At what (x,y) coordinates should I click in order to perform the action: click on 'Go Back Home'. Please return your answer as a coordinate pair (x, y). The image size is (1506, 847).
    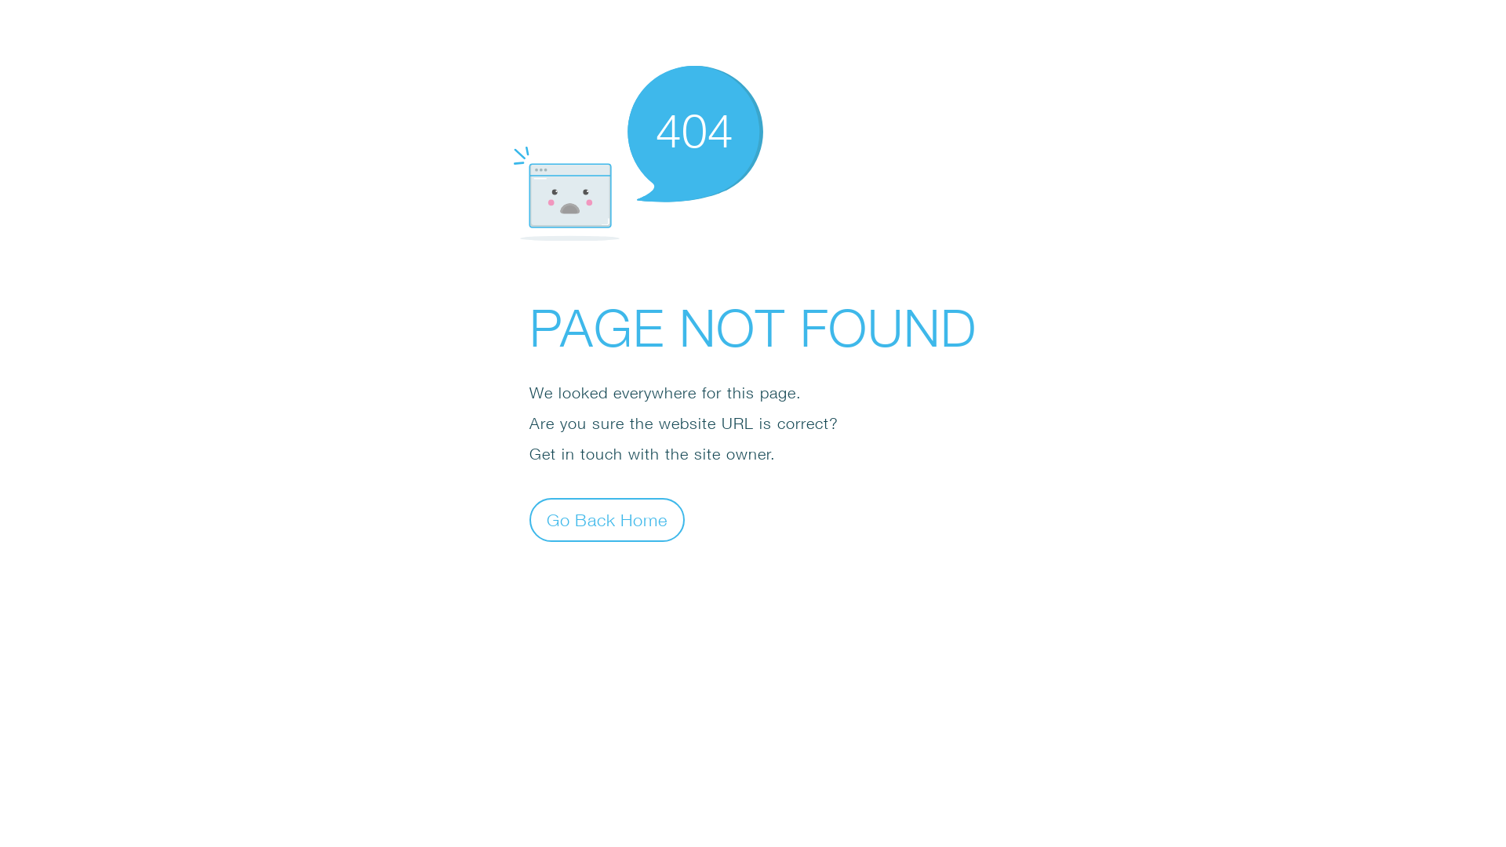
    Looking at the image, I should click on (606, 520).